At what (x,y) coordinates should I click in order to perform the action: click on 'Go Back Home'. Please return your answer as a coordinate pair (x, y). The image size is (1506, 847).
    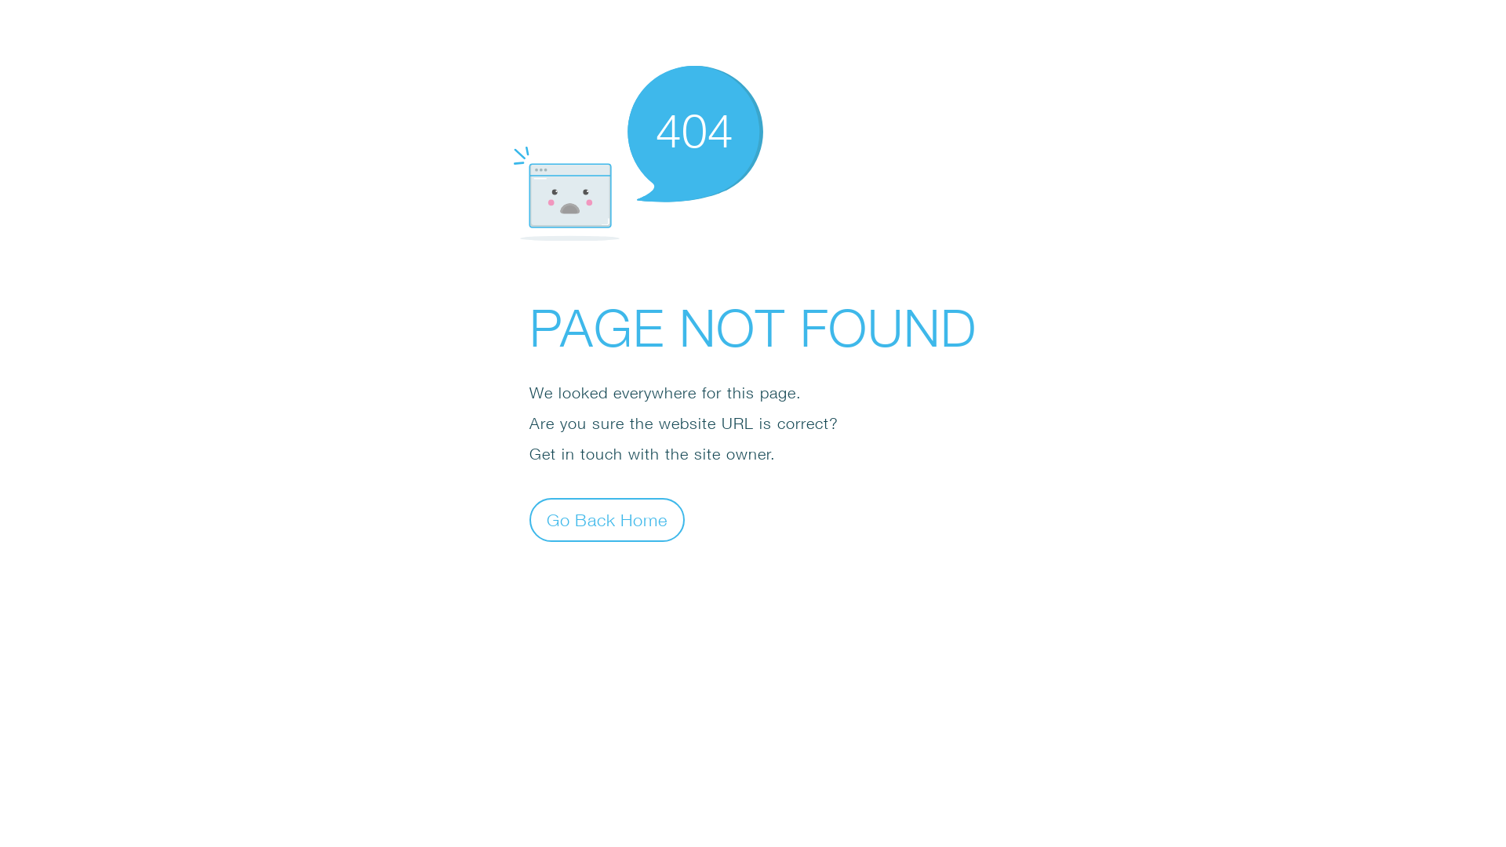
    Looking at the image, I should click on (606, 520).